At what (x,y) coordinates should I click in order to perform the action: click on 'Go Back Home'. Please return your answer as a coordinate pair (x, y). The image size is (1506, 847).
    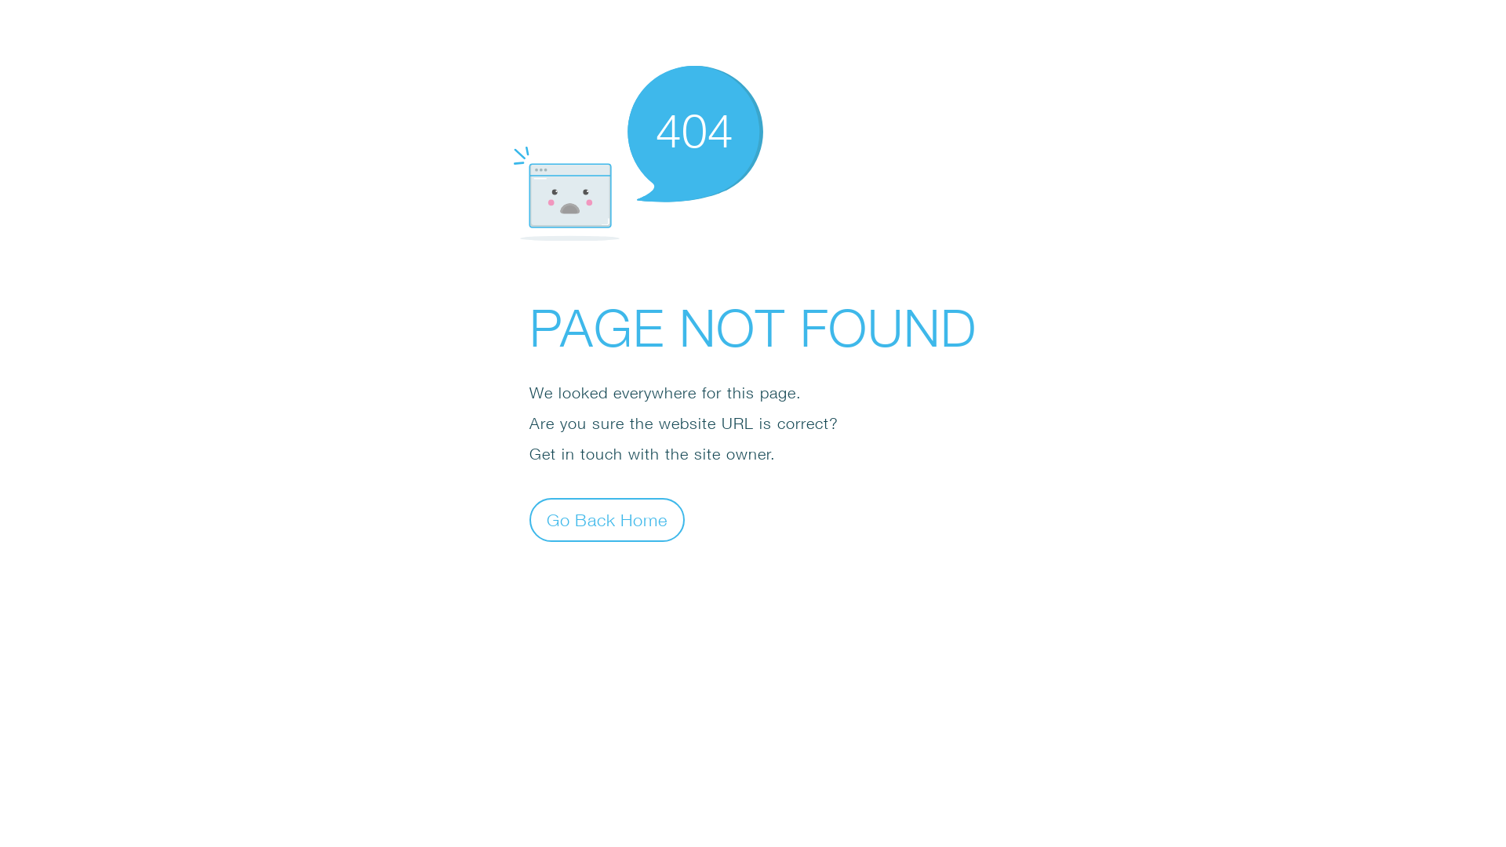
    Looking at the image, I should click on (606, 520).